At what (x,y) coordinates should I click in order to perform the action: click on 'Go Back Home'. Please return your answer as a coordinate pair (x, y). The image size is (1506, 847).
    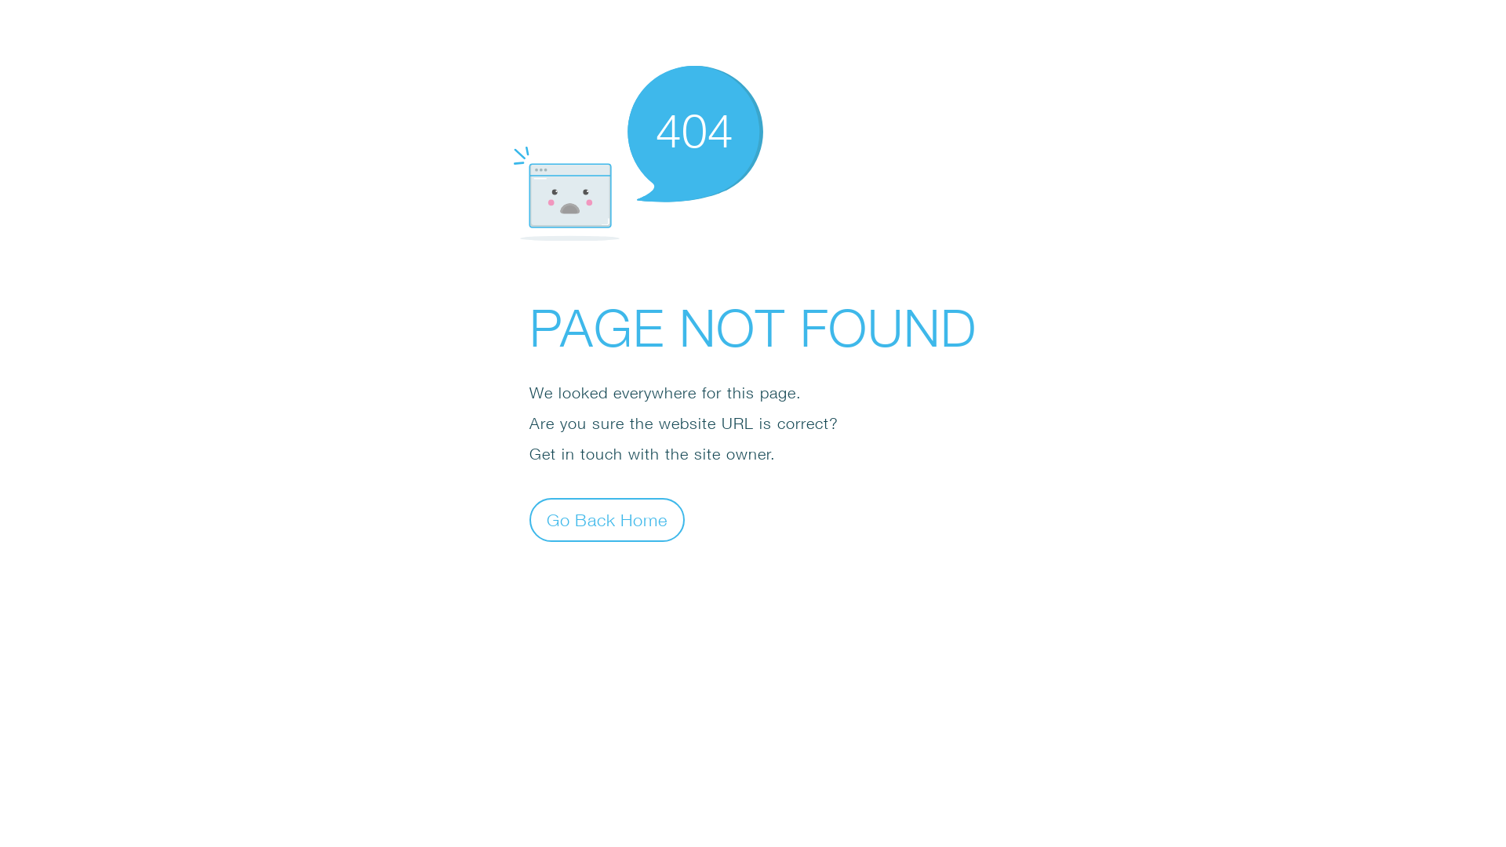
    Looking at the image, I should click on (606, 520).